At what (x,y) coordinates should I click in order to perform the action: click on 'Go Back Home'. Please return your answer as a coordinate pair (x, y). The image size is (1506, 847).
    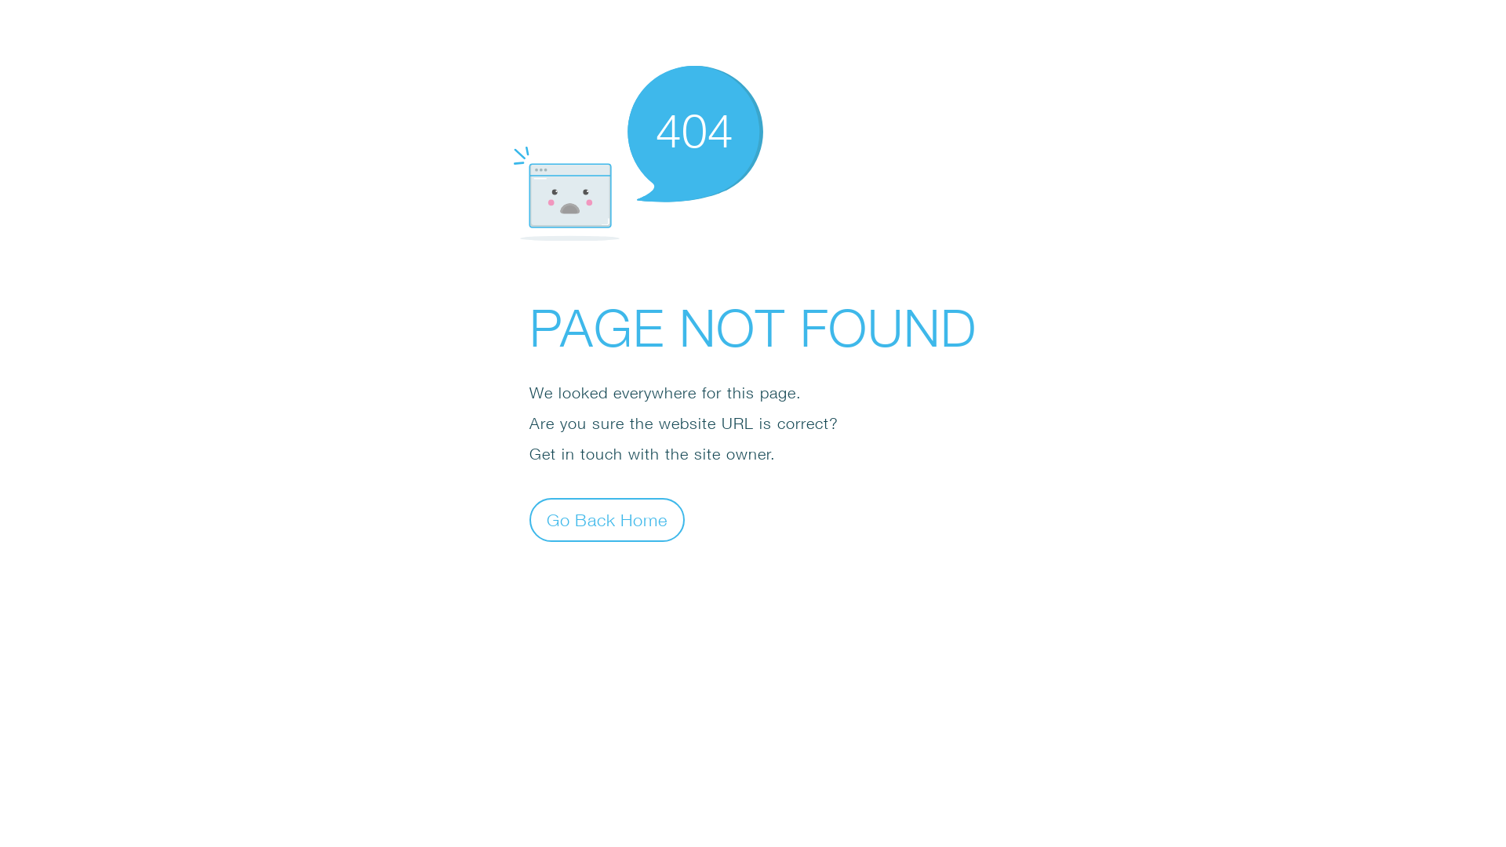
    Looking at the image, I should click on (606, 520).